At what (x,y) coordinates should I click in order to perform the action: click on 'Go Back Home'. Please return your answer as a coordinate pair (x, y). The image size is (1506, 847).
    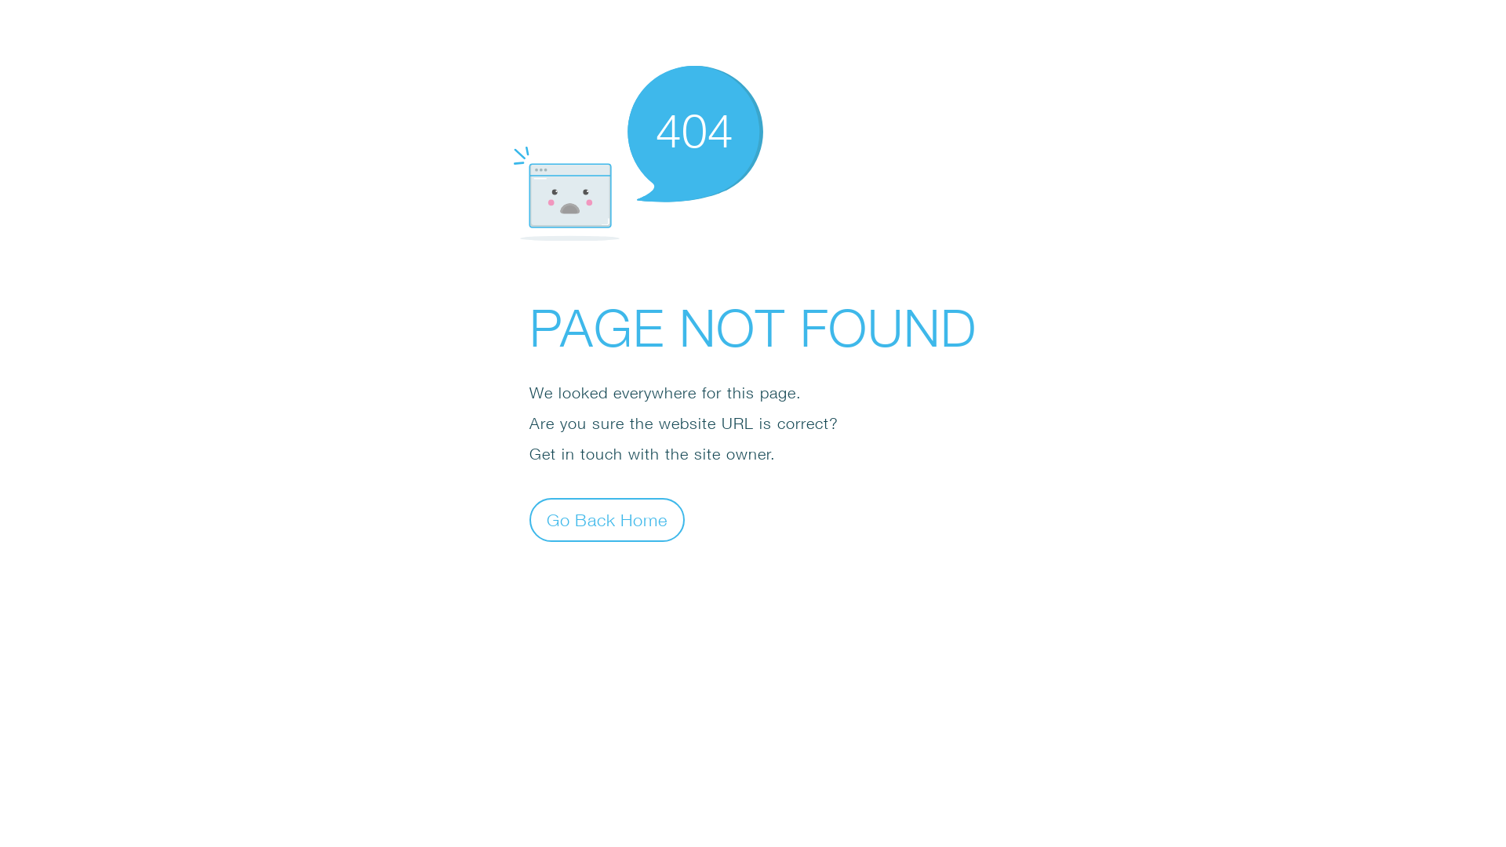
    Looking at the image, I should click on (606, 520).